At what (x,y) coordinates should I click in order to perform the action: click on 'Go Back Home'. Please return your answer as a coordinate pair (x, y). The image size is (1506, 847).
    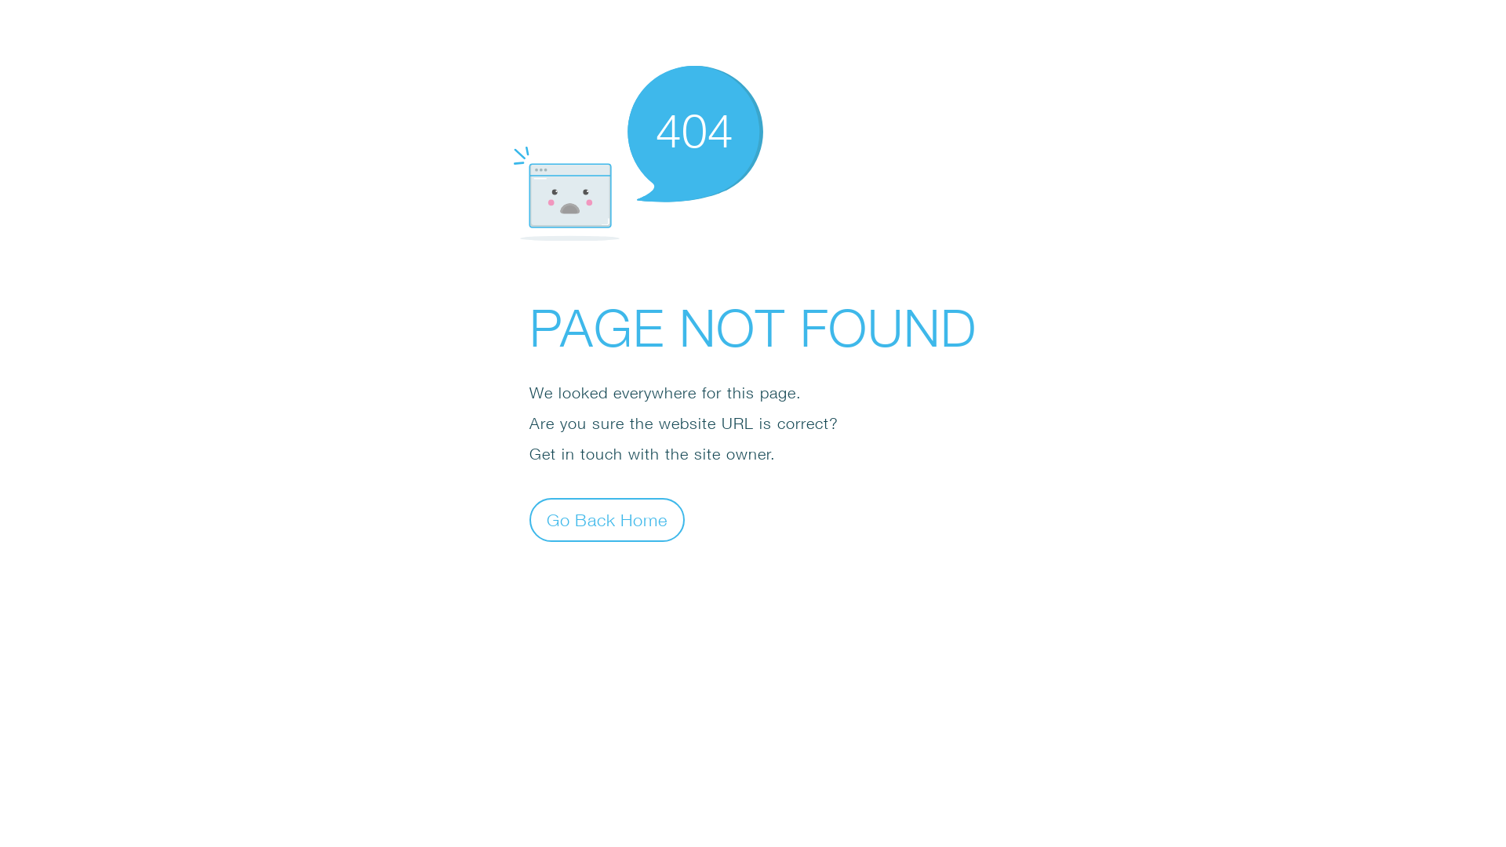
    Looking at the image, I should click on (606, 520).